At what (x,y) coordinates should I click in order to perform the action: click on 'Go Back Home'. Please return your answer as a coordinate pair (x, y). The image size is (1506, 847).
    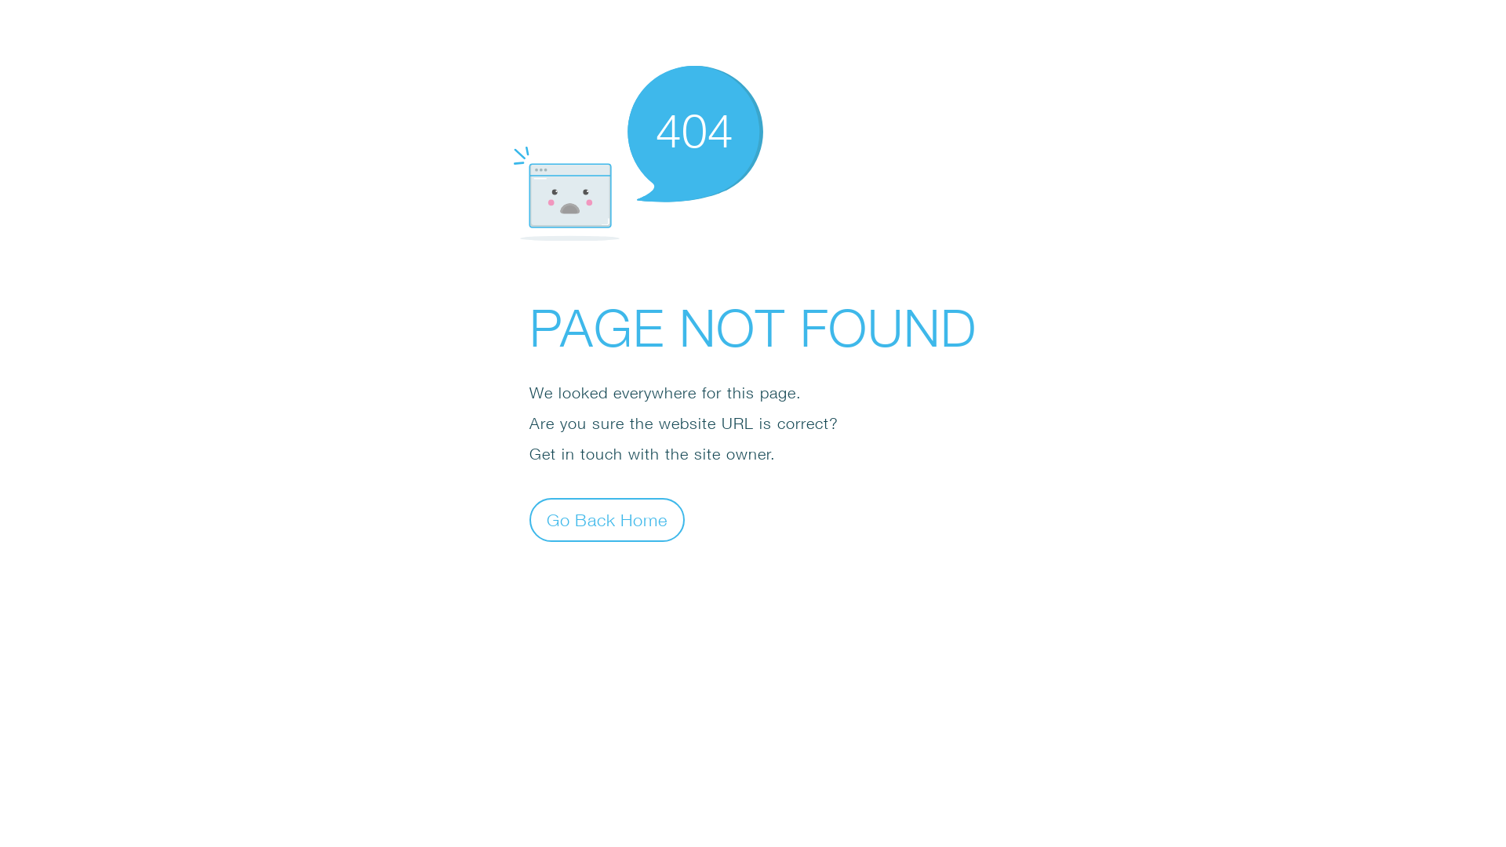
    Looking at the image, I should click on (606, 520).